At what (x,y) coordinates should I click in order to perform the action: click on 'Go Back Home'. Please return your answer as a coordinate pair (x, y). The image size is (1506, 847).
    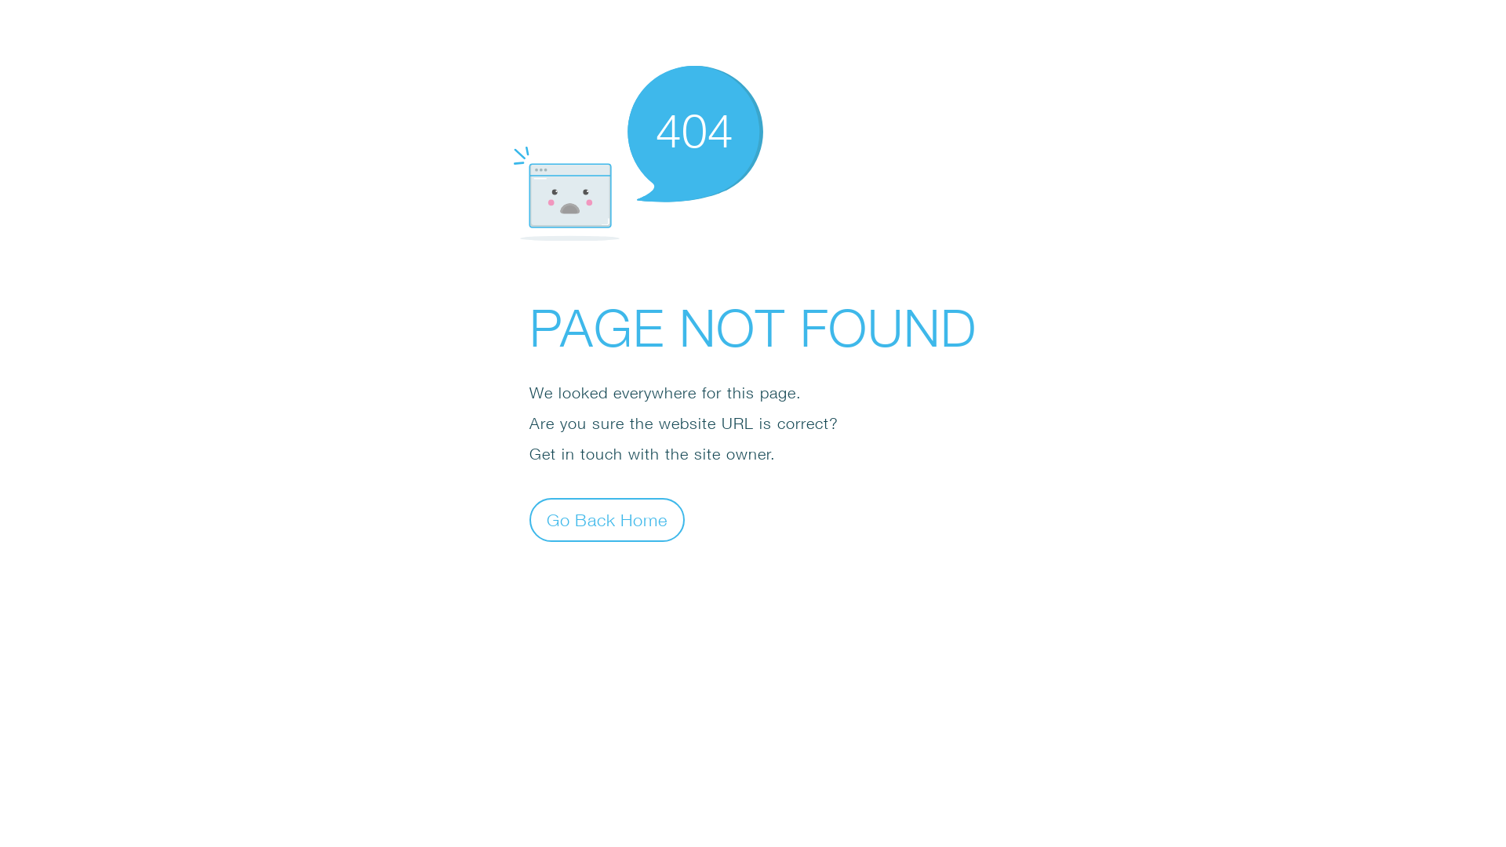
    Looking at the image, I should click on (606, 520).